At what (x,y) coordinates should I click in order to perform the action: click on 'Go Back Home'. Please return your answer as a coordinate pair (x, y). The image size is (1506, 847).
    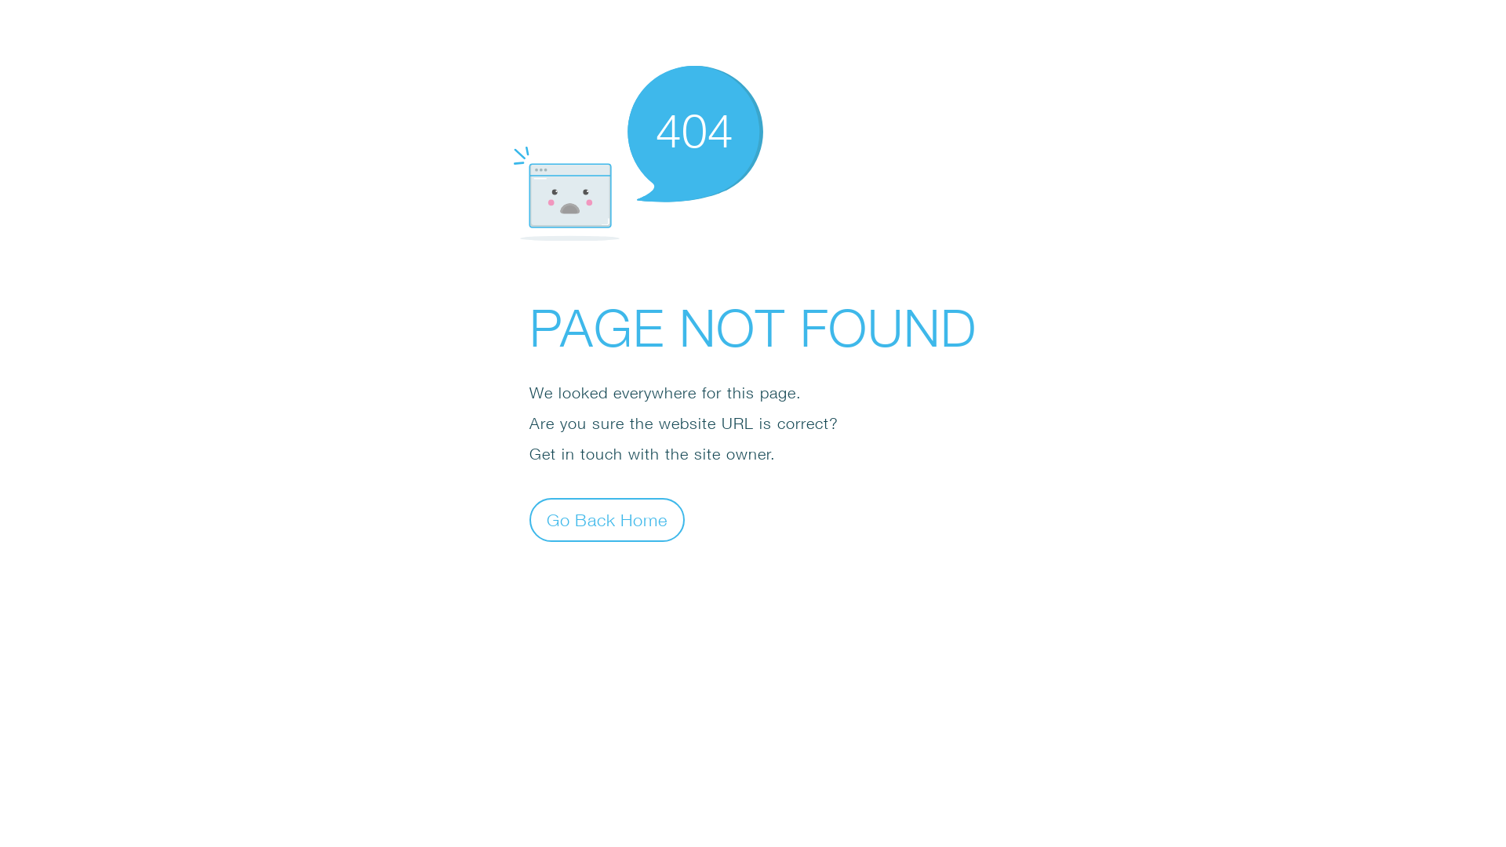
    Looking at the image, I should click on (606, 520).